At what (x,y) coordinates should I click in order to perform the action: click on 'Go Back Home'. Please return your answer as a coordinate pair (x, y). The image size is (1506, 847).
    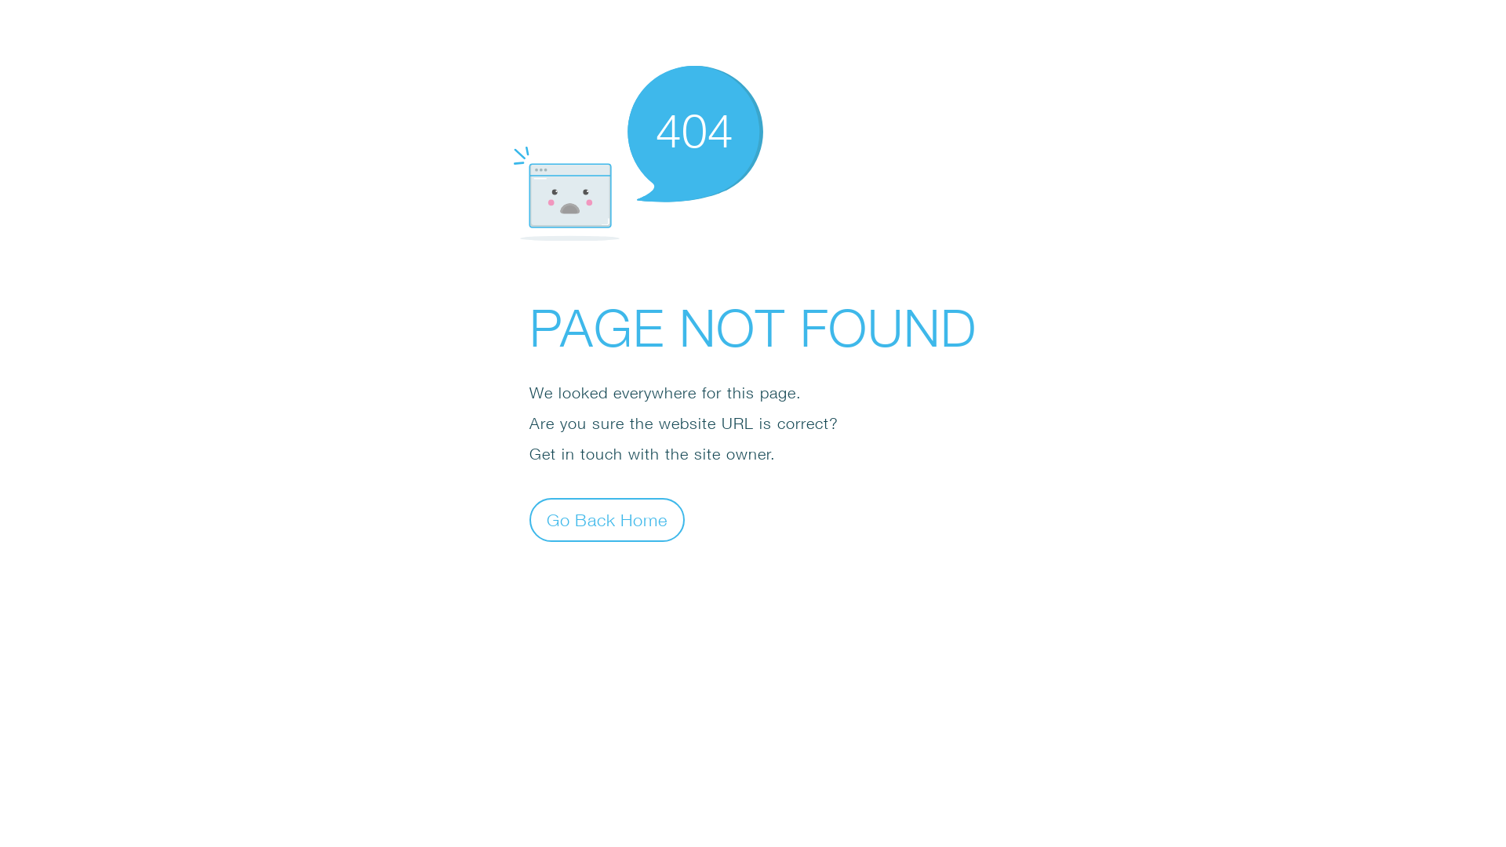
    Looking at the image, I should click on (606, 520).